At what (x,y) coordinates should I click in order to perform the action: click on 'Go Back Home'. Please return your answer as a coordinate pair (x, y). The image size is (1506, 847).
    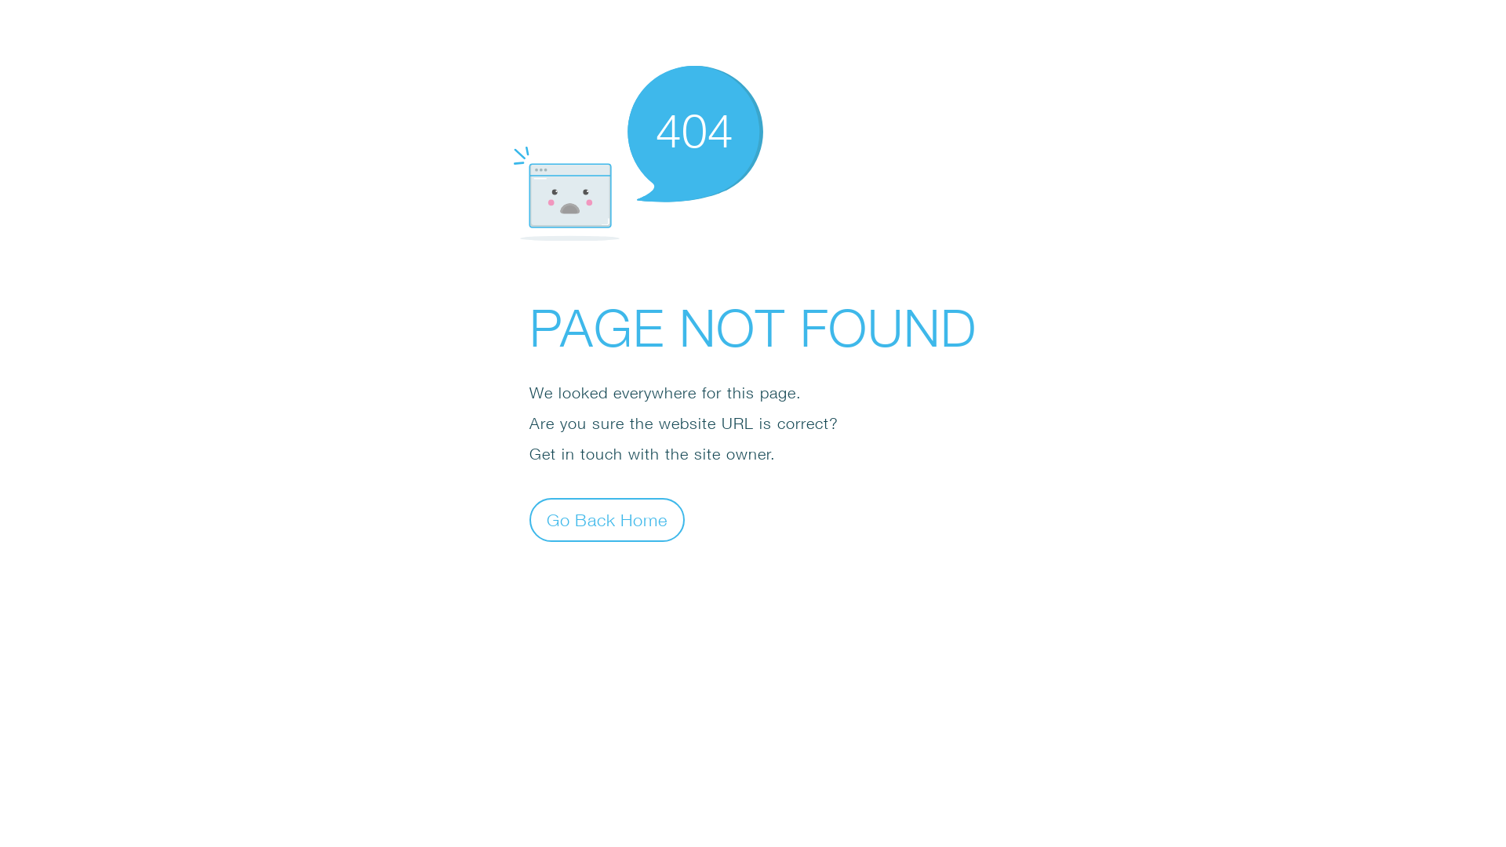
    Looking at the image, I should click on (606, 520).